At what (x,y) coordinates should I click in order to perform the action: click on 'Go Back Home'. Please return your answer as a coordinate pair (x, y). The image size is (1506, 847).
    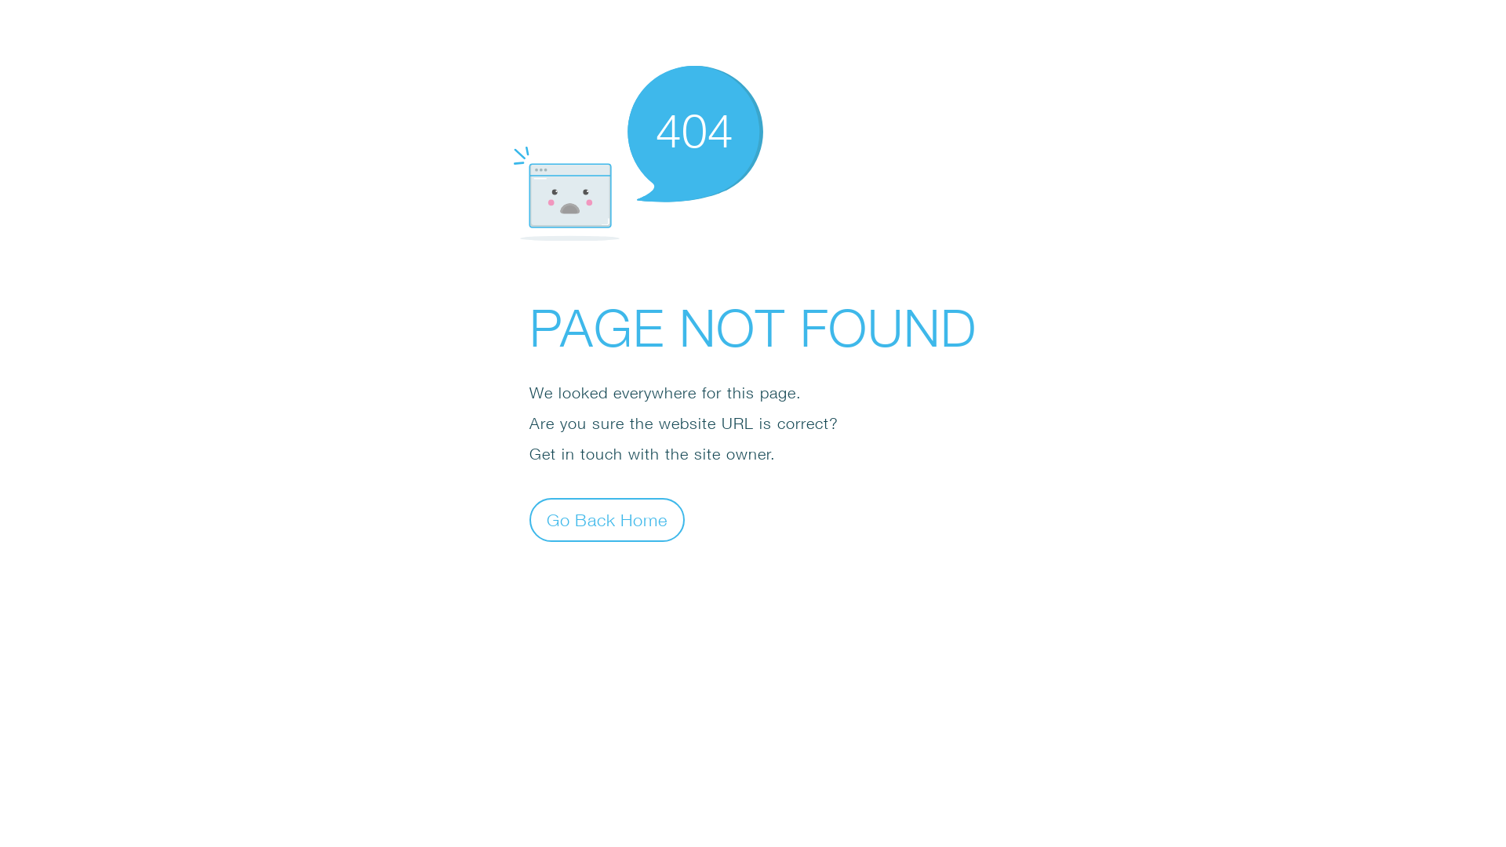
    Looking at the image, I should click on (606, 520).